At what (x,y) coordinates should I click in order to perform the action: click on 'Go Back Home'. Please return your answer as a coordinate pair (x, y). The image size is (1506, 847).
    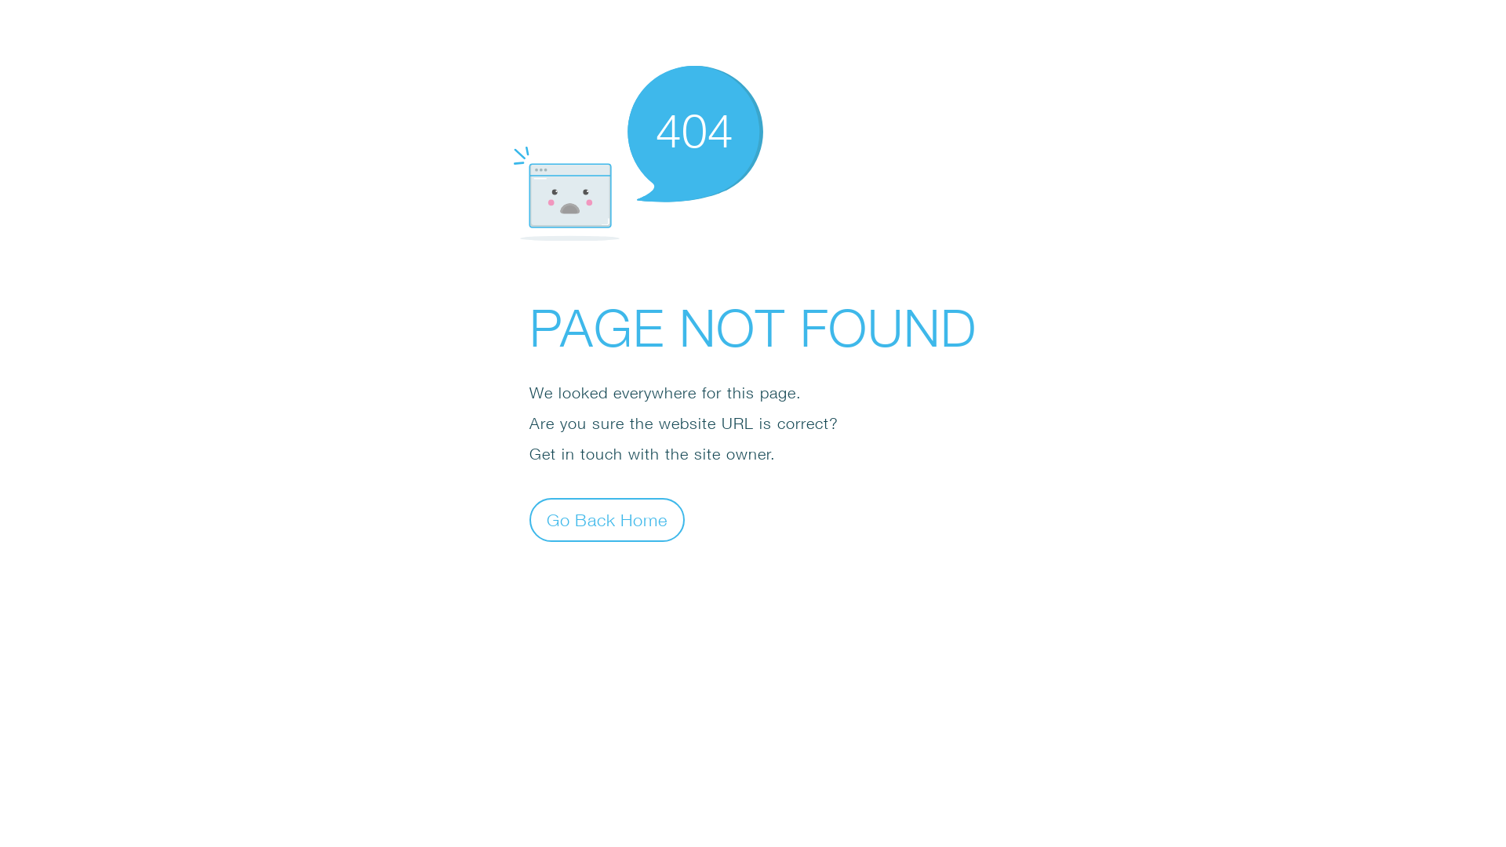
    Looking at the image, I should click on (606, 520).